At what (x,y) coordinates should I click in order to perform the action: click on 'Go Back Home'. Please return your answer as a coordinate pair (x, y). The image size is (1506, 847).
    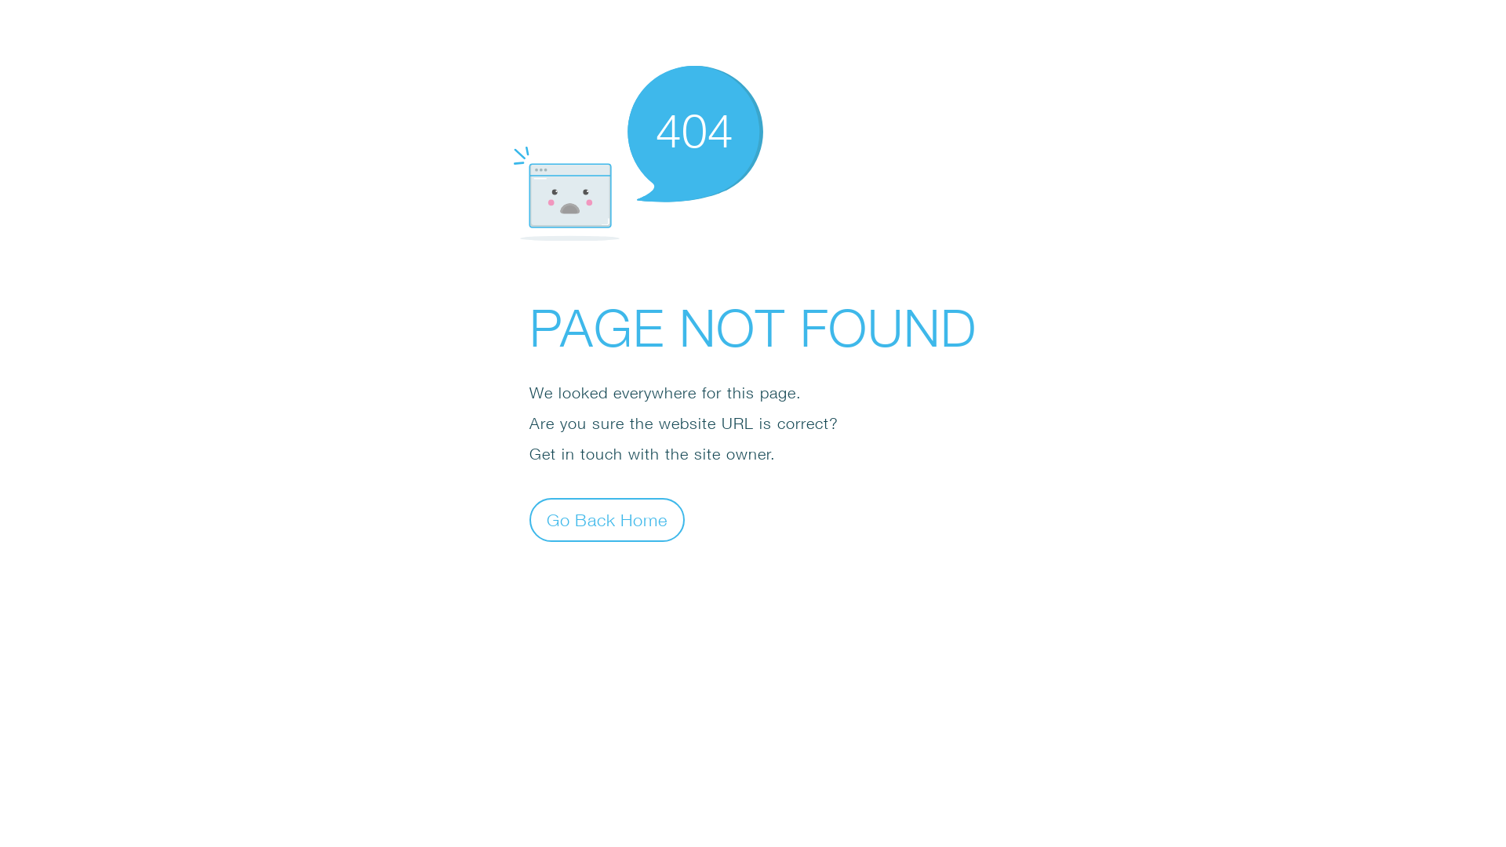
    Looking at the image, I should click on (606, 520).